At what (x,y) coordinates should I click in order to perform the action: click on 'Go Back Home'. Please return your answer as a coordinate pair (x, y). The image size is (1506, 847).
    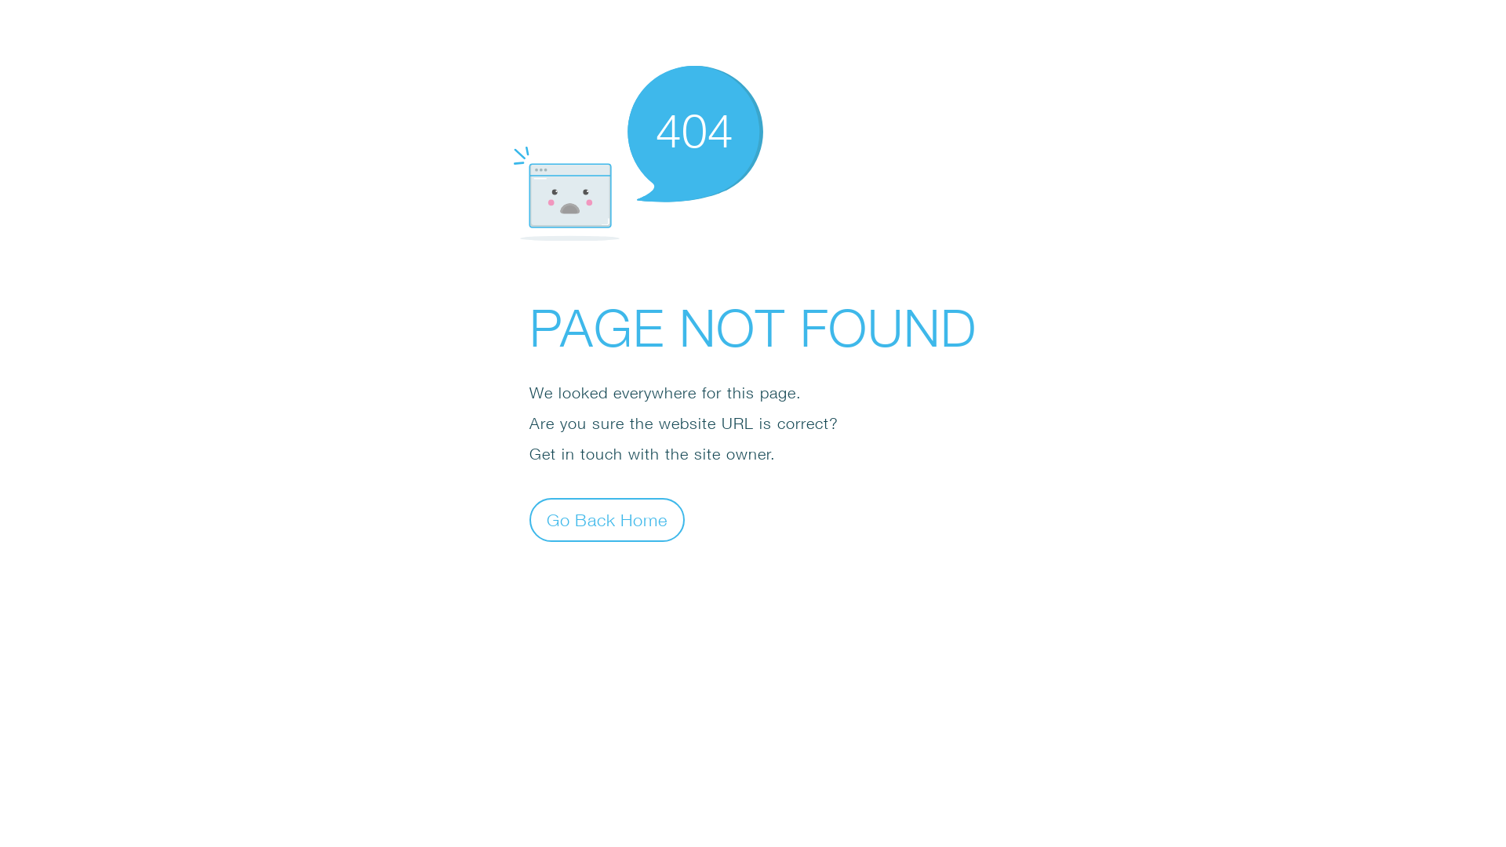
    Looking at the image, I should click on (606, 520).